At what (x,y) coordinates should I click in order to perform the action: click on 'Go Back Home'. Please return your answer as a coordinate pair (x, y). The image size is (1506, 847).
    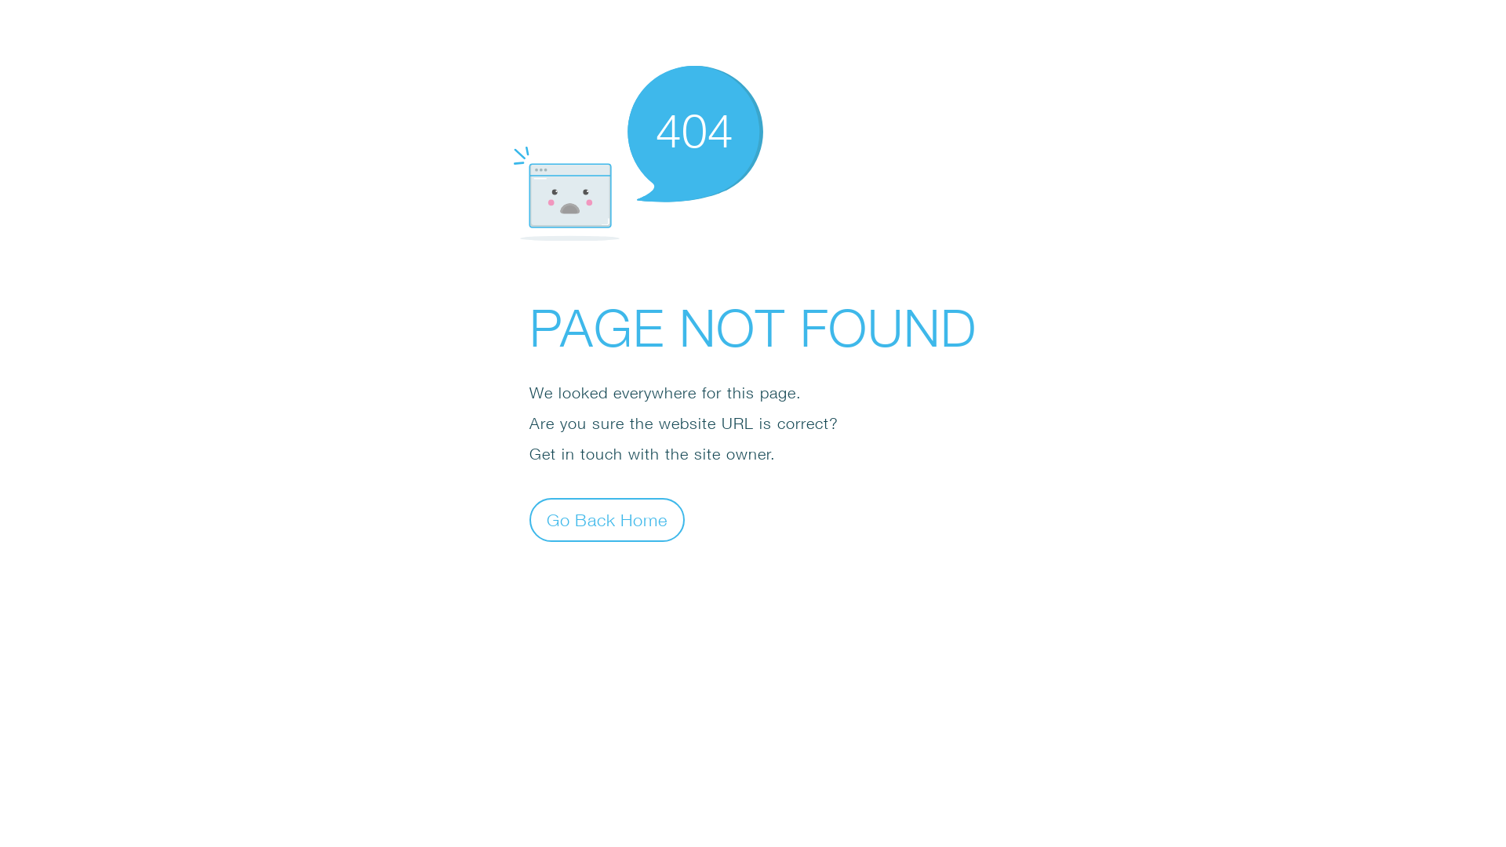
    Looking at the image, I should click on (606, 520).